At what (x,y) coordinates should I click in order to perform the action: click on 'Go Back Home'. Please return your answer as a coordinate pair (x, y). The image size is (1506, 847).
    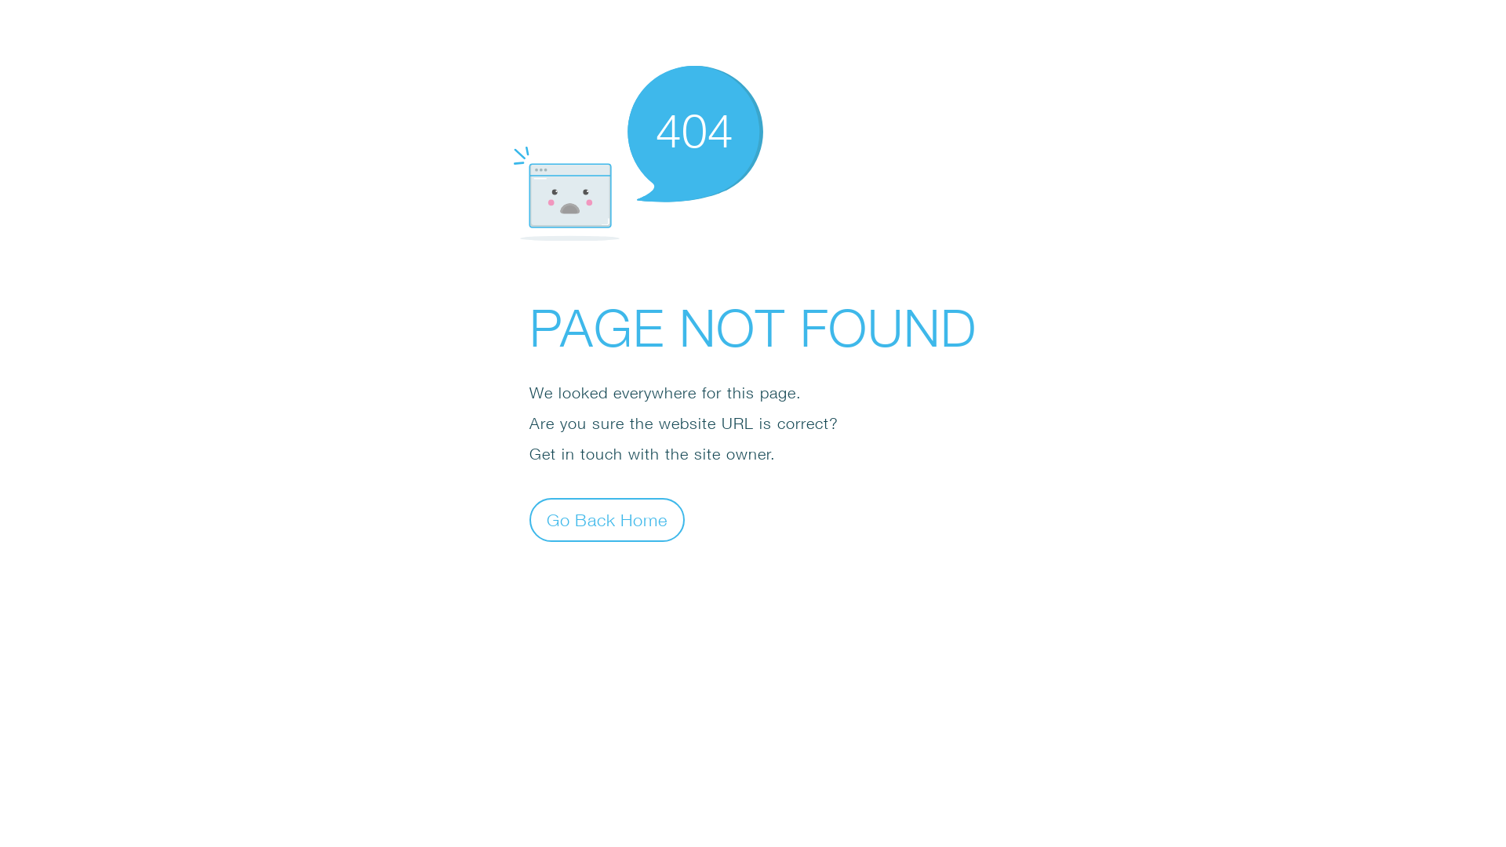
    Looking at the image, I should click on (606, 520).